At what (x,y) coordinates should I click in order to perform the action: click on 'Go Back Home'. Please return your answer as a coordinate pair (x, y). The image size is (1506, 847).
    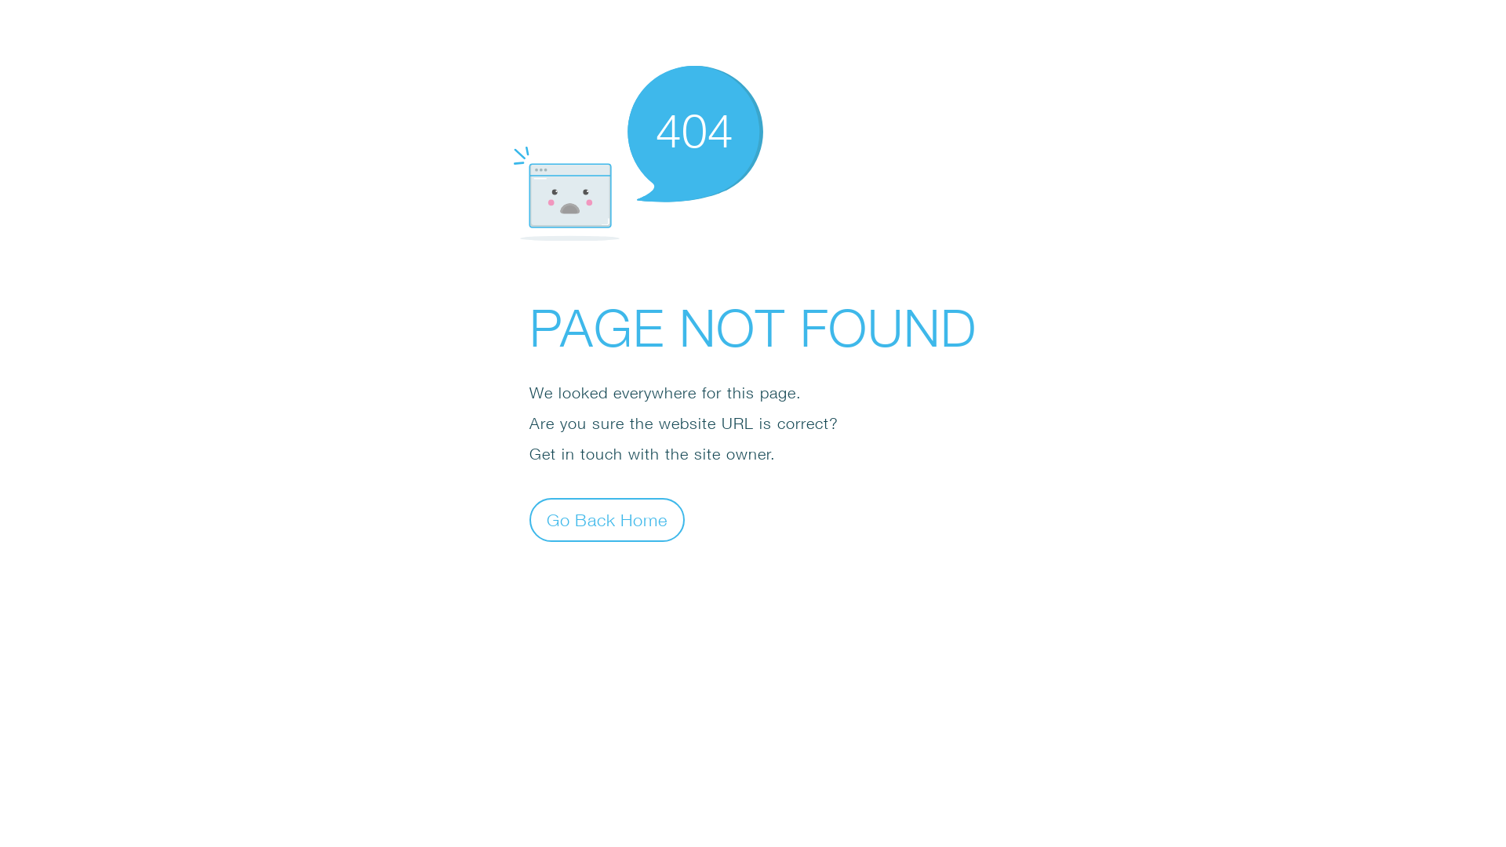
    Looking at the image, I should click on (606, 520).